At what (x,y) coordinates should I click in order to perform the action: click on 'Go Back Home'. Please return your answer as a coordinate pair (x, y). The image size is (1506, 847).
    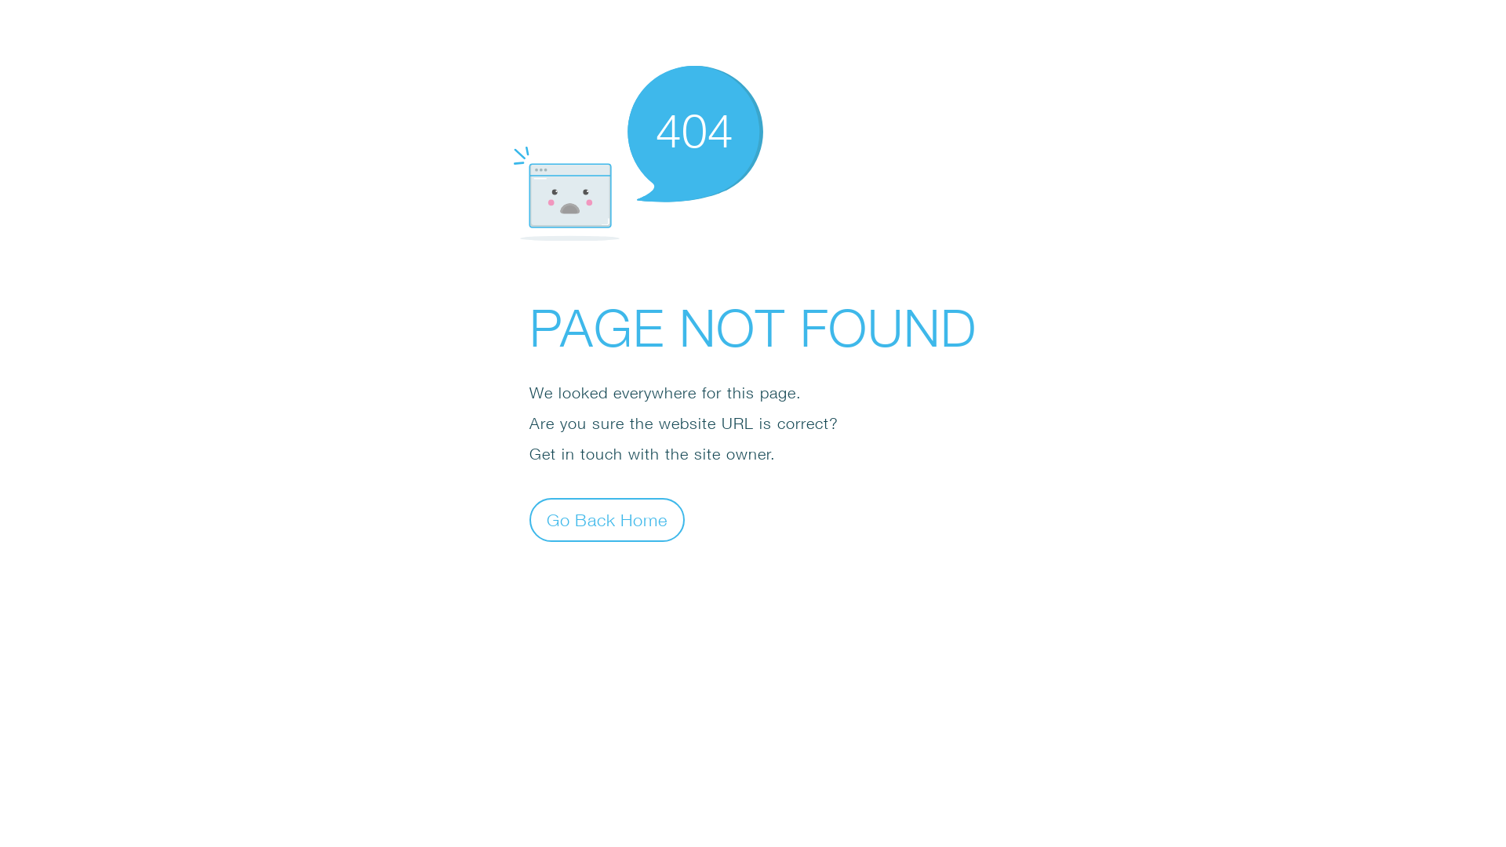
    Looking at the image, I should click on (606, 520).